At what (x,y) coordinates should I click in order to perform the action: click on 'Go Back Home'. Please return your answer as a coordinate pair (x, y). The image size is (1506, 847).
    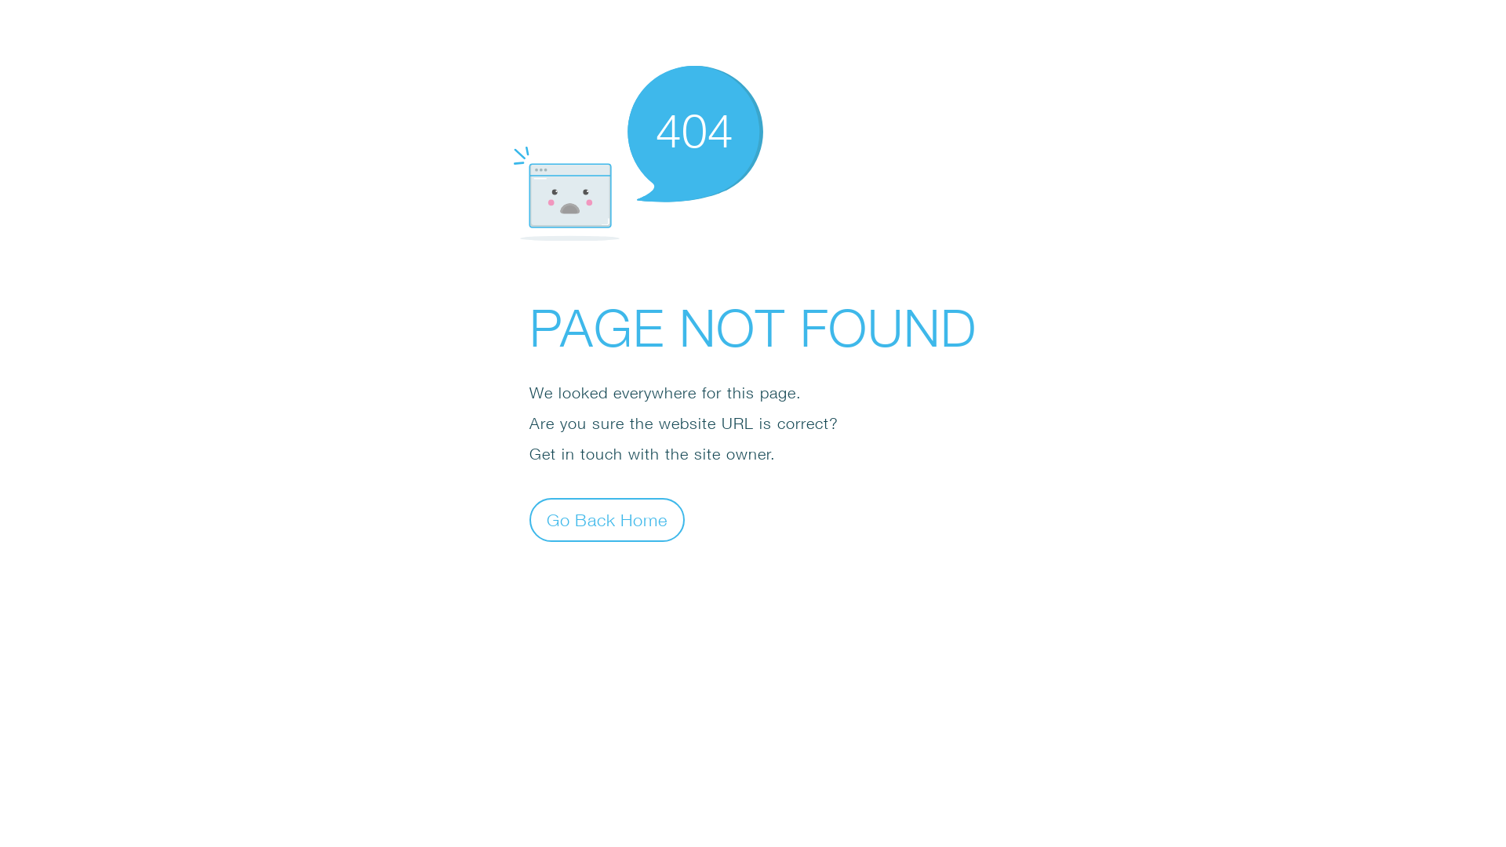
    Looking at the image, I should click on (606, 520).